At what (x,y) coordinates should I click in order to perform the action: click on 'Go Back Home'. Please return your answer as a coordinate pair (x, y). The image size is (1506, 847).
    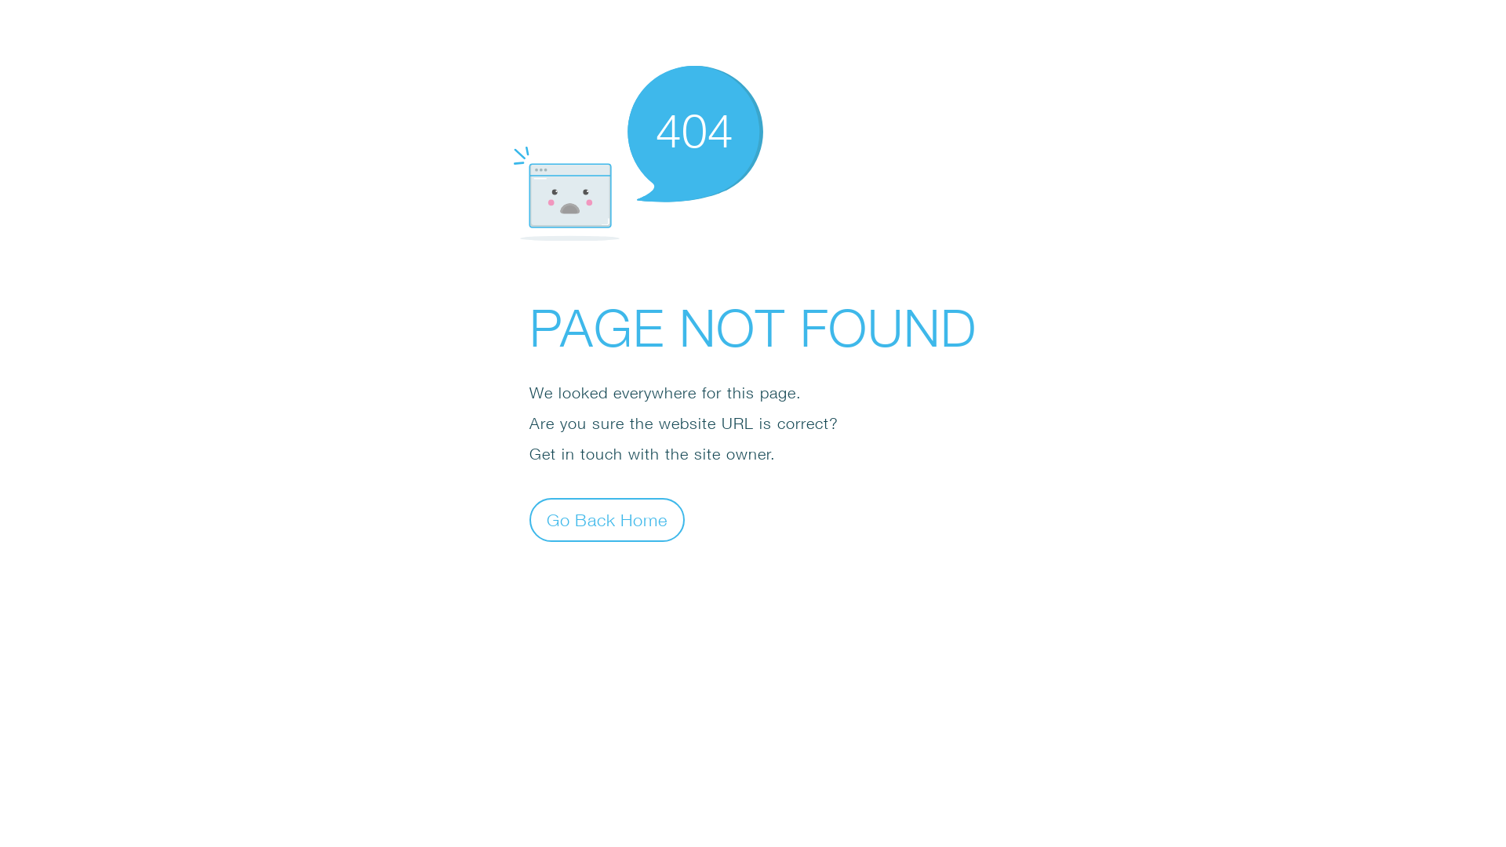
    Looking at the image, I should click on (606, 520).